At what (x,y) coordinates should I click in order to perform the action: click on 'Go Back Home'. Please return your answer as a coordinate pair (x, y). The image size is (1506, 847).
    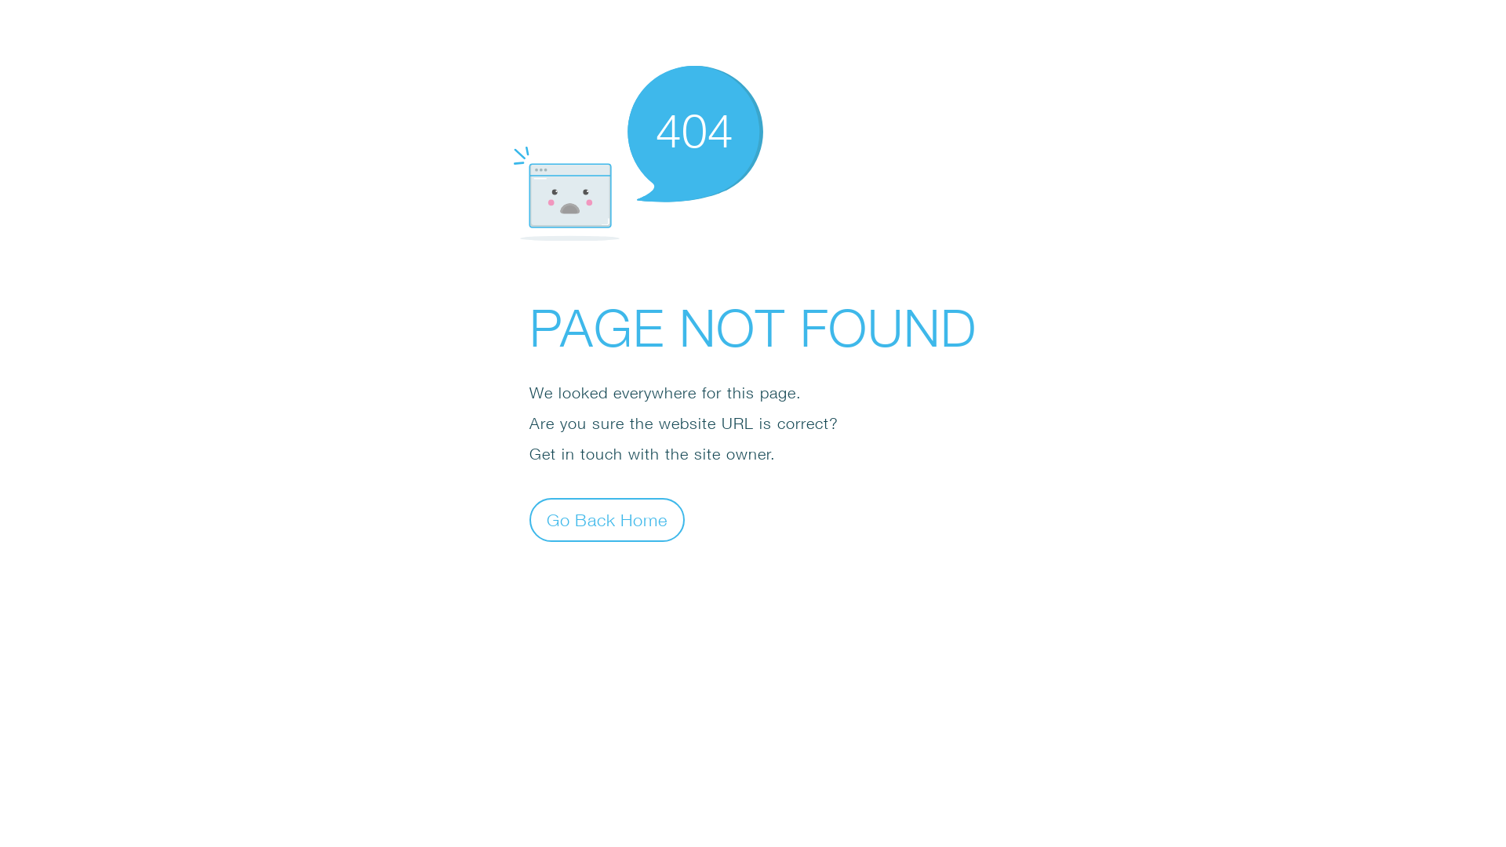
    Looking at the image, I should click on (606, 520).